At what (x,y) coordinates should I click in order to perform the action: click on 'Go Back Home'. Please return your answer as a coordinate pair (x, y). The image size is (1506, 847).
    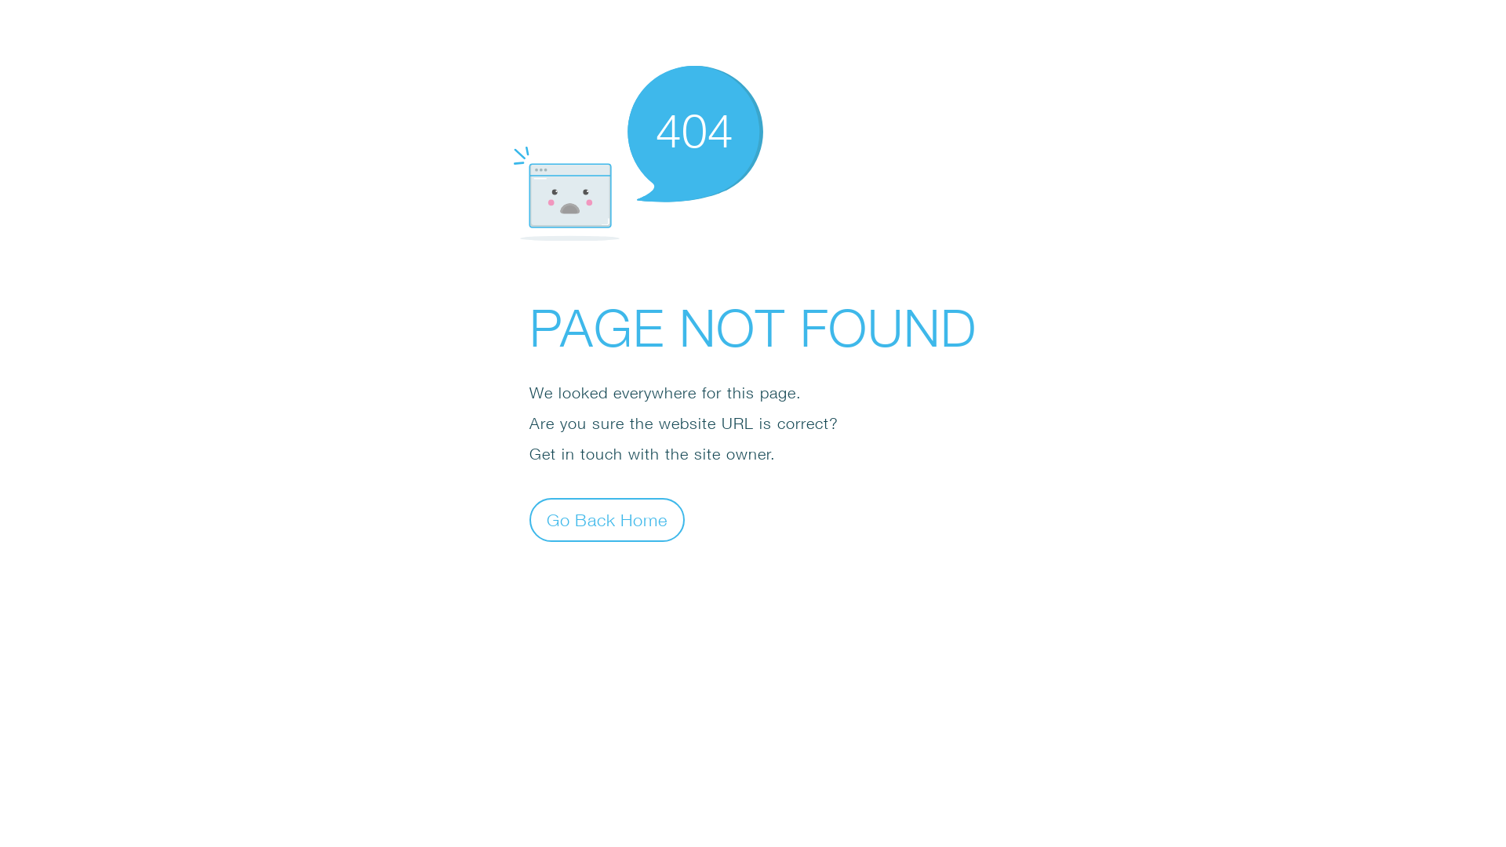
    Looking at the image, I should click on (606, 520).